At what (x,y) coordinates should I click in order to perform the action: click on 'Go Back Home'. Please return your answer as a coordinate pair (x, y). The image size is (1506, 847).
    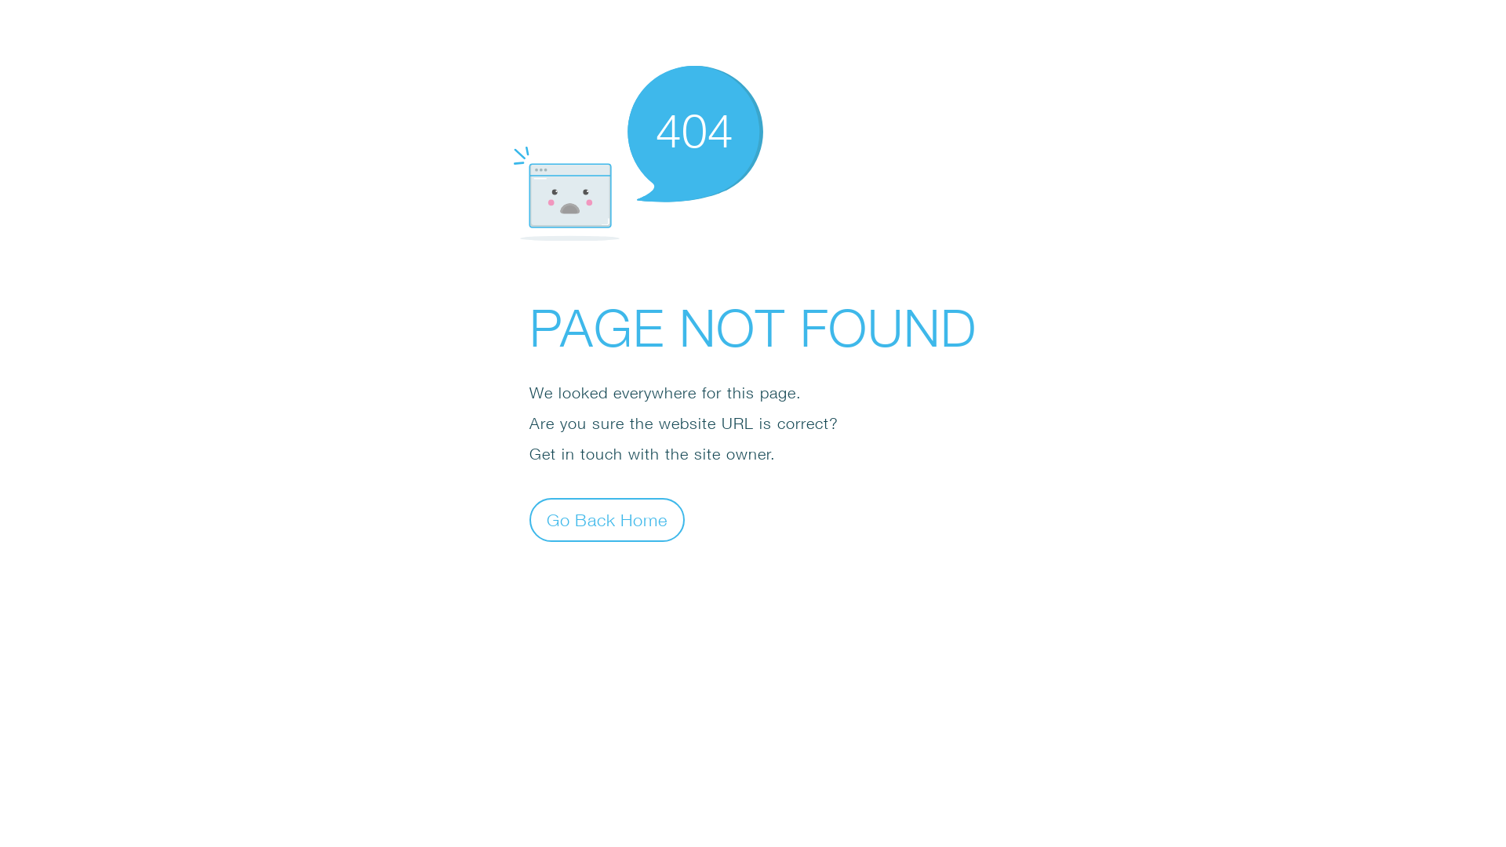
    Looking at the image, I should click on (606, 520).